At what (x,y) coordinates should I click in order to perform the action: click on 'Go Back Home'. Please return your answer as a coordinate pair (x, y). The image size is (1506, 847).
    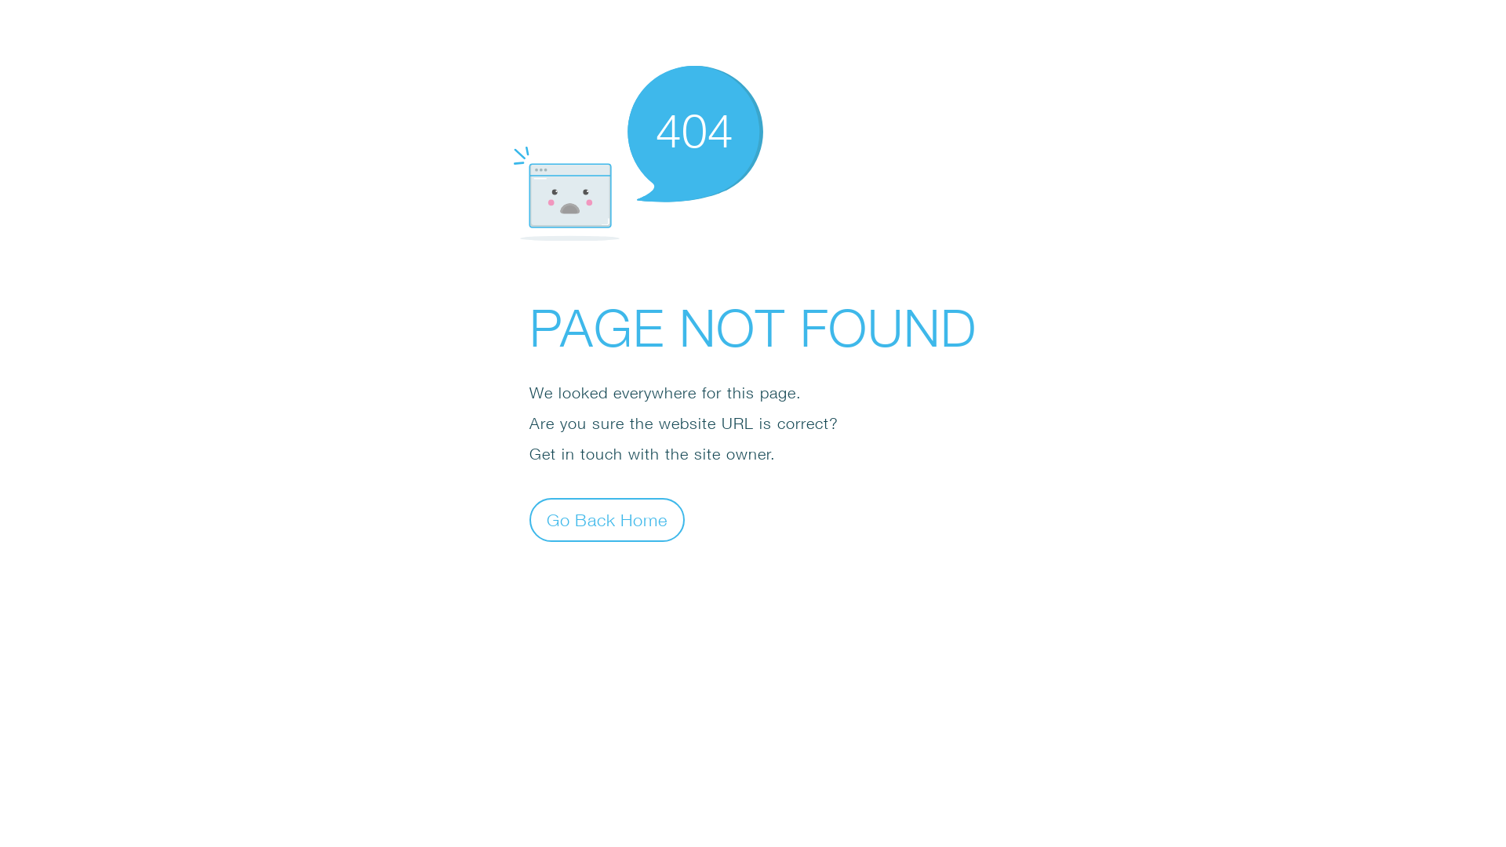
    Looking at the image, I should click on (606, 520).